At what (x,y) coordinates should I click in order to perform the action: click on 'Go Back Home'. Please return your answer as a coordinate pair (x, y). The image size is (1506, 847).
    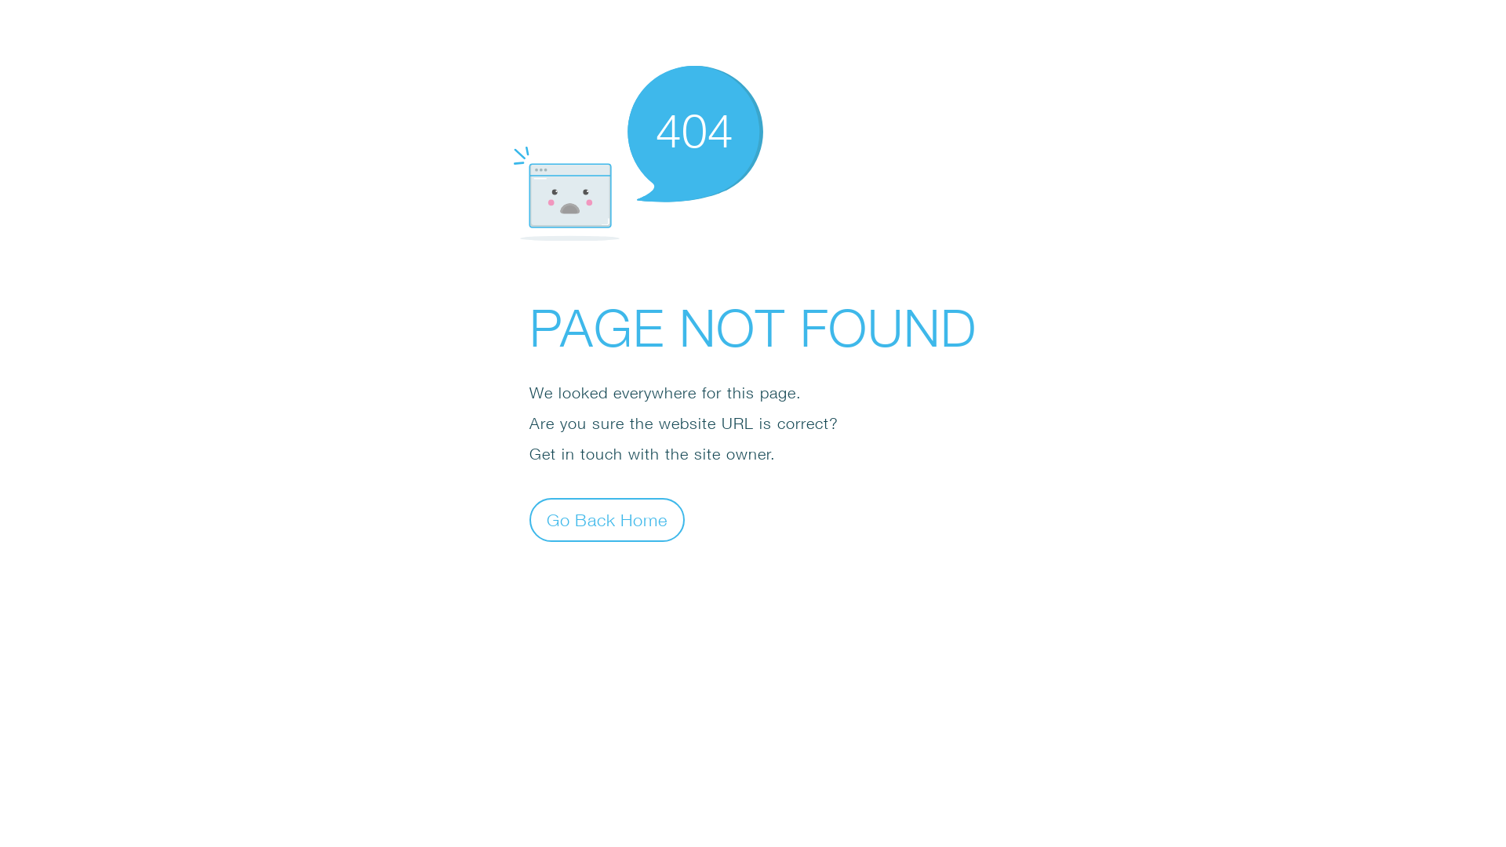
    Looking at the image, I should click on (606, 520).